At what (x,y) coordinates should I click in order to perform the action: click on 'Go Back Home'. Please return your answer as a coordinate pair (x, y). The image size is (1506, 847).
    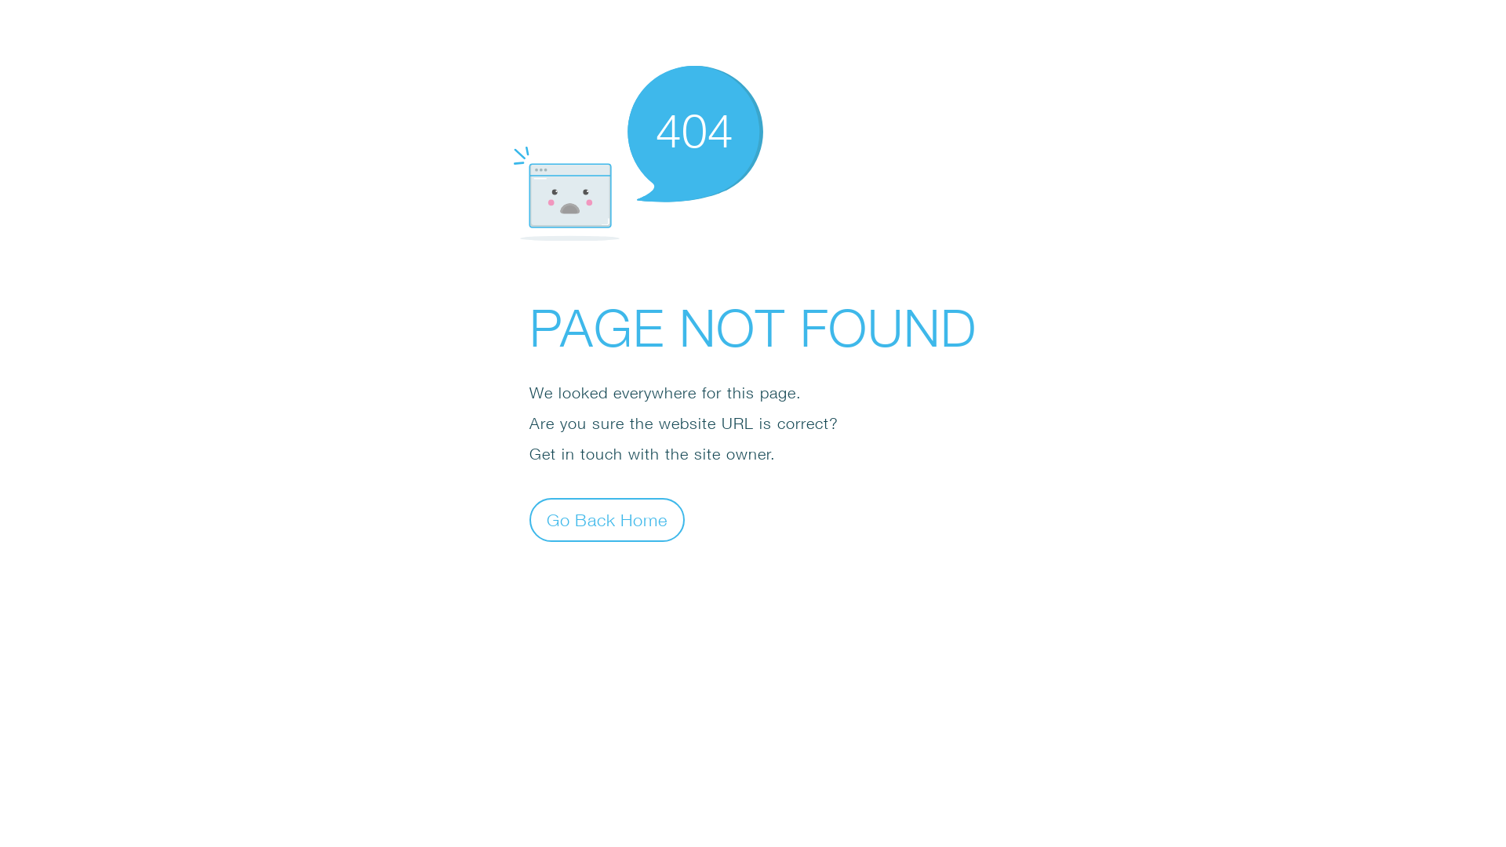
    Looking at the image, I should click on (606, 520).